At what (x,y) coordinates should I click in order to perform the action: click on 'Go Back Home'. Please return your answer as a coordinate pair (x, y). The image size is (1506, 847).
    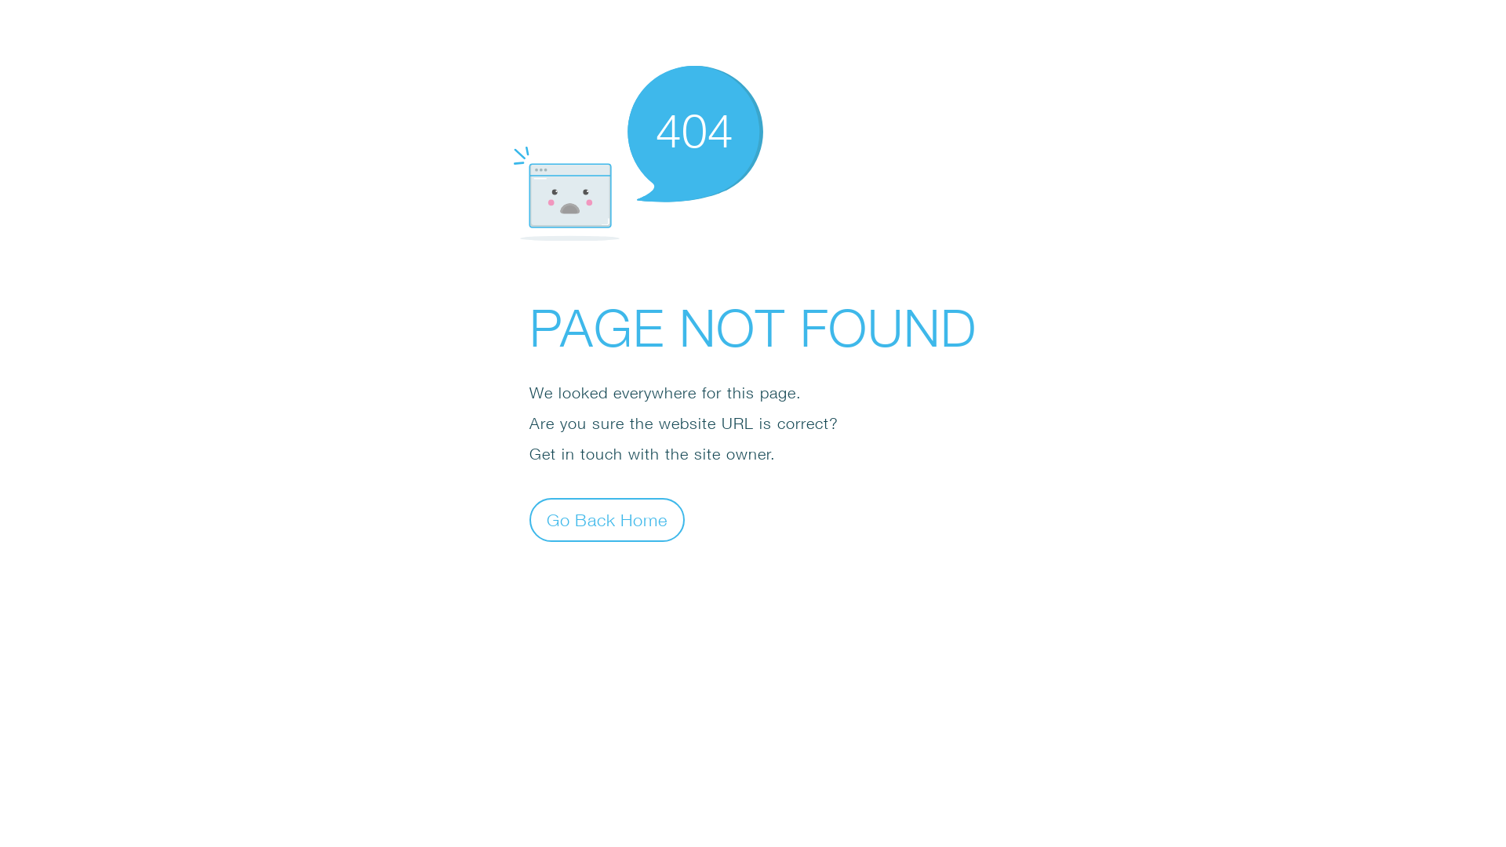
    Looking at the image, I should click on (606, 520).